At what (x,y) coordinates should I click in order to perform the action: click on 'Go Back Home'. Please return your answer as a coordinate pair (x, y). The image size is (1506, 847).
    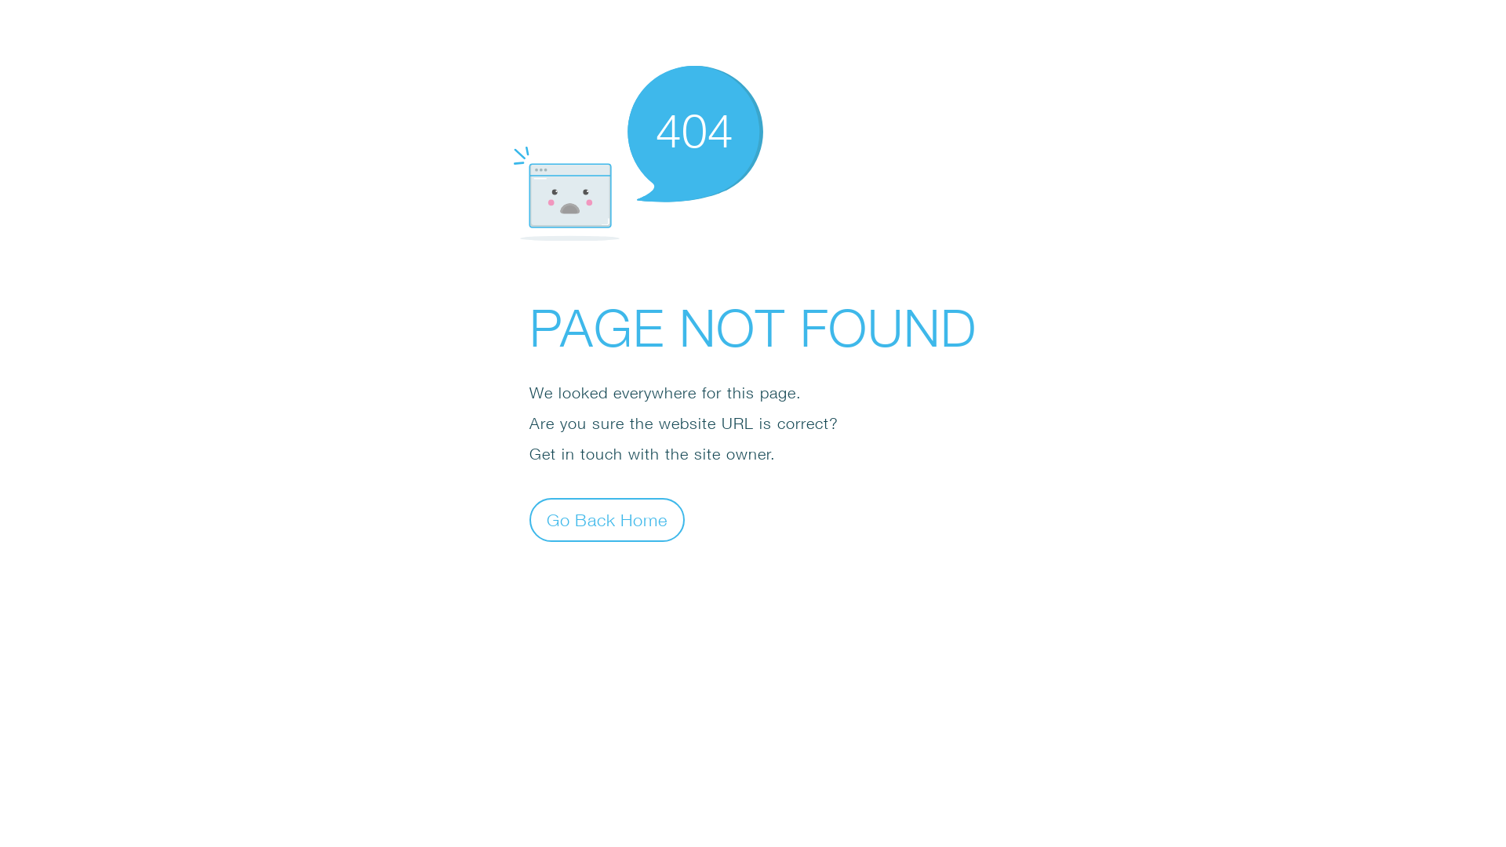
    Looking at the image, I should click on (606, 520).